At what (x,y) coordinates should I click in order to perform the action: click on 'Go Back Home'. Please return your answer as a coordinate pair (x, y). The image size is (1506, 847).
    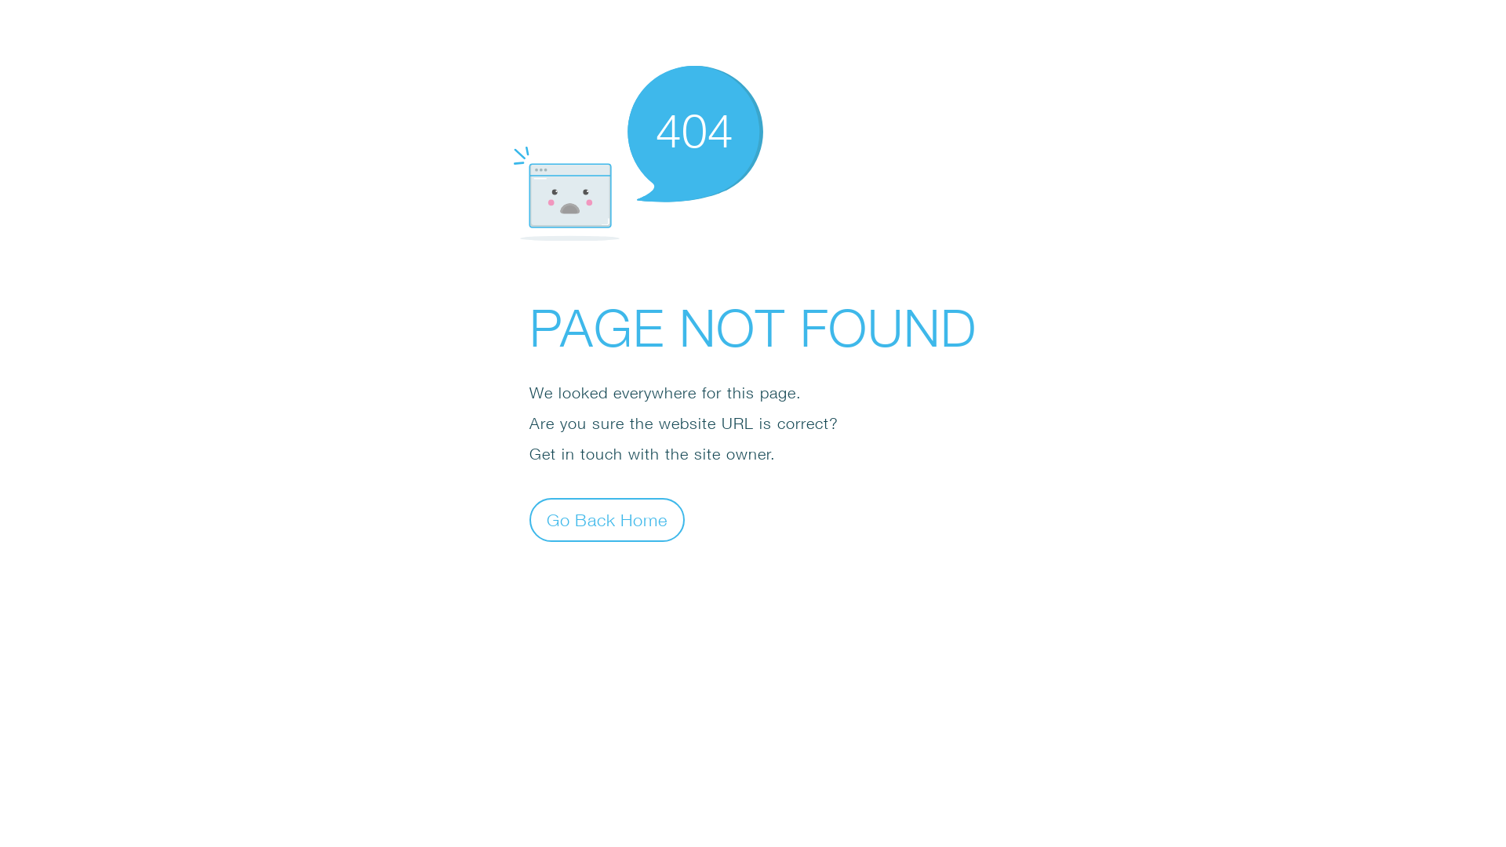
    Looking at the image, I should click on (606, 520).